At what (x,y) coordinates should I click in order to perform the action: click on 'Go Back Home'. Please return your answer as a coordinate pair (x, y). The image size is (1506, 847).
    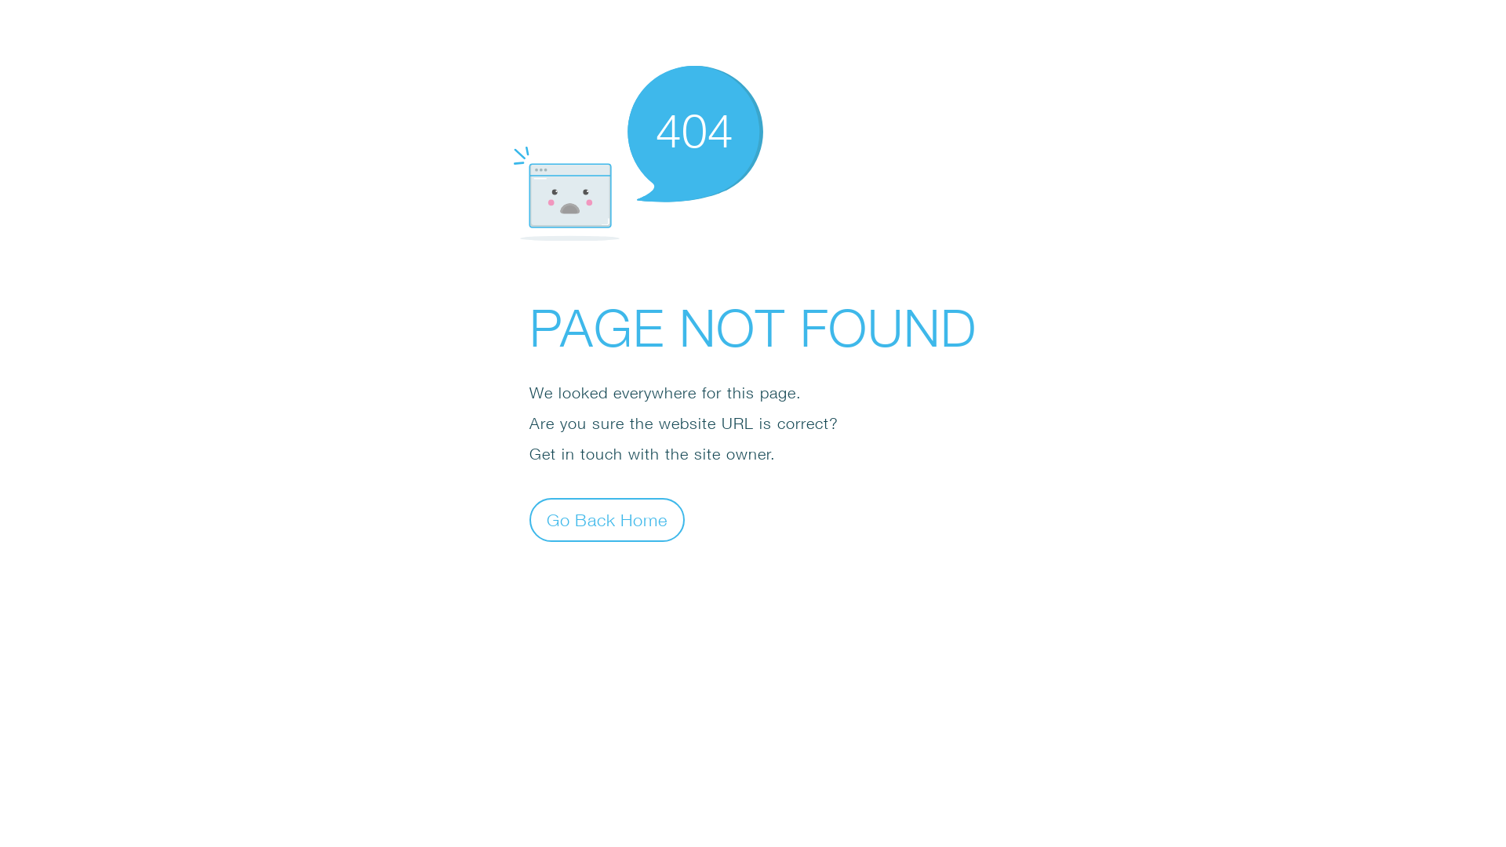
    Looking at the image, I should click on (606, 520).